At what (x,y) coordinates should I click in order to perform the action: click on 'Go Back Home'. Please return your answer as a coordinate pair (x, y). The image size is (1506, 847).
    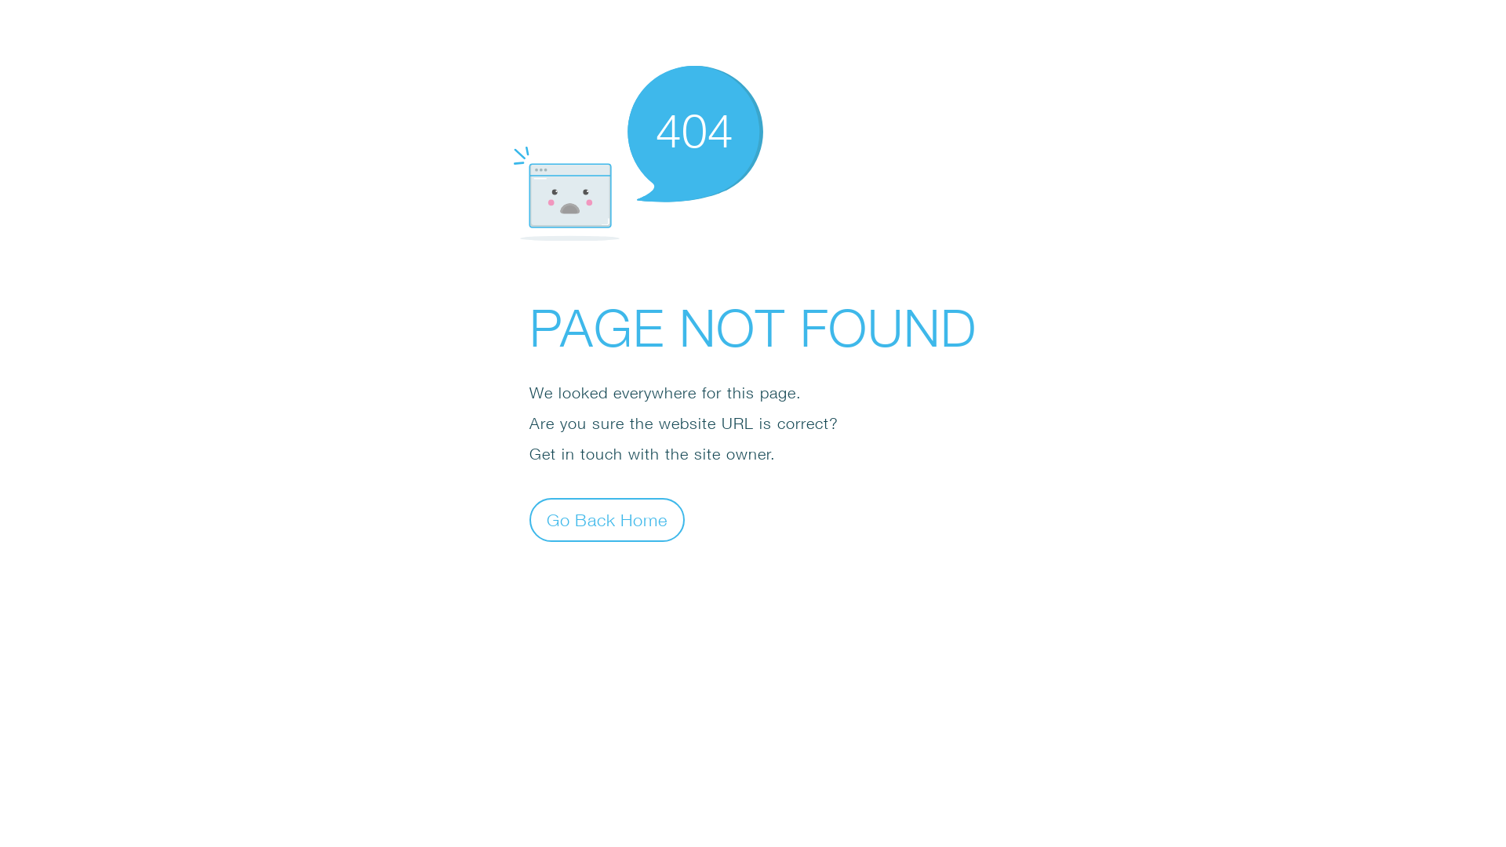
    Looking at the image, I should click on (606, 520).